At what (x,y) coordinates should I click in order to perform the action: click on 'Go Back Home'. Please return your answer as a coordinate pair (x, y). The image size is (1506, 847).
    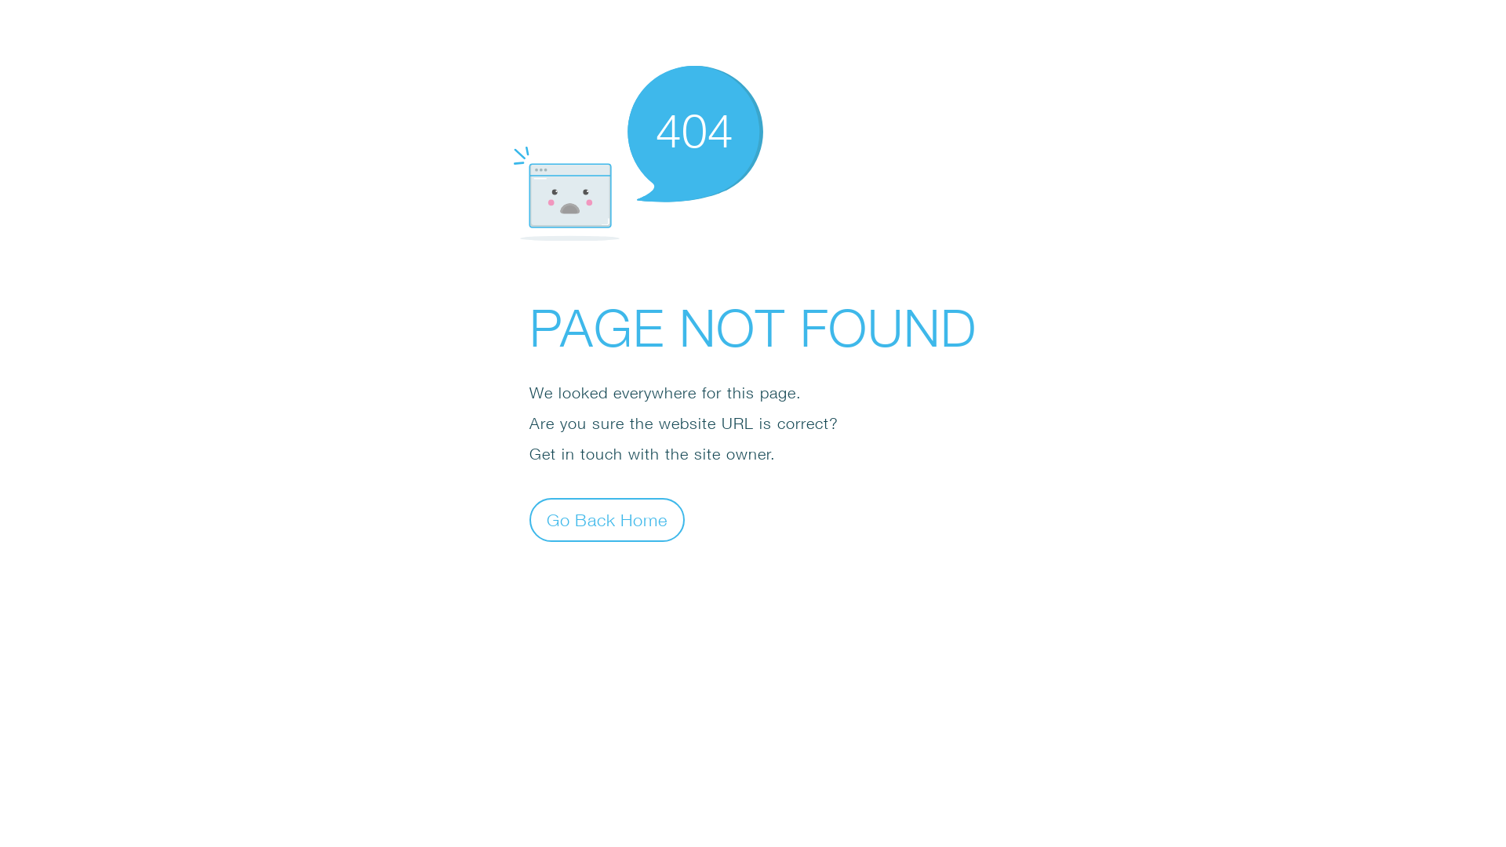
    Looking at the image, I should click on (606, 520).